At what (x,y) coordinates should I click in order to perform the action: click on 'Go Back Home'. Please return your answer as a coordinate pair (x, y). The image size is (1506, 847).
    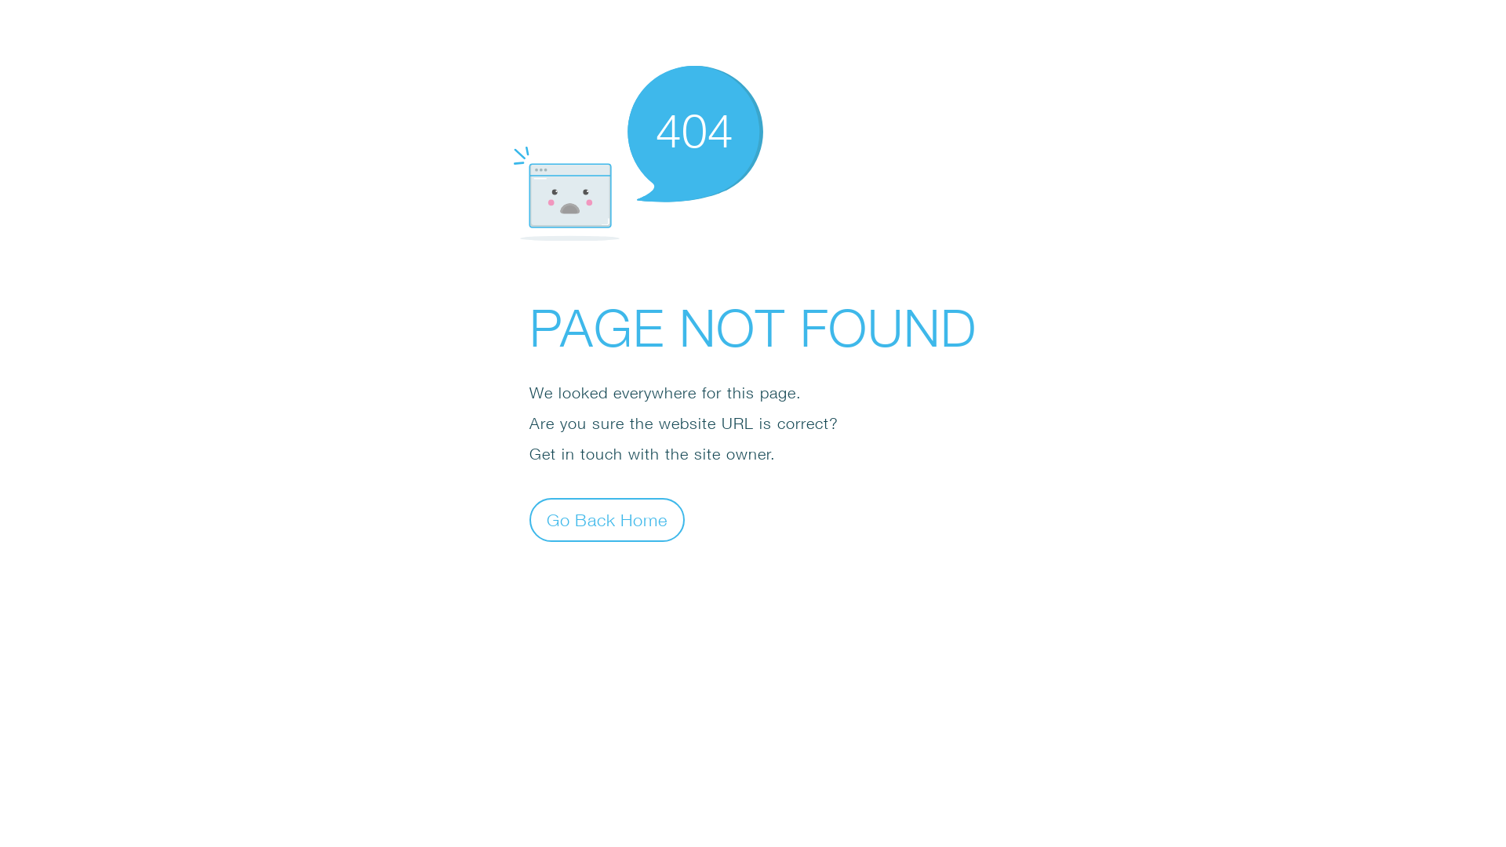
    Looking at the image, I should click on (606, 520).